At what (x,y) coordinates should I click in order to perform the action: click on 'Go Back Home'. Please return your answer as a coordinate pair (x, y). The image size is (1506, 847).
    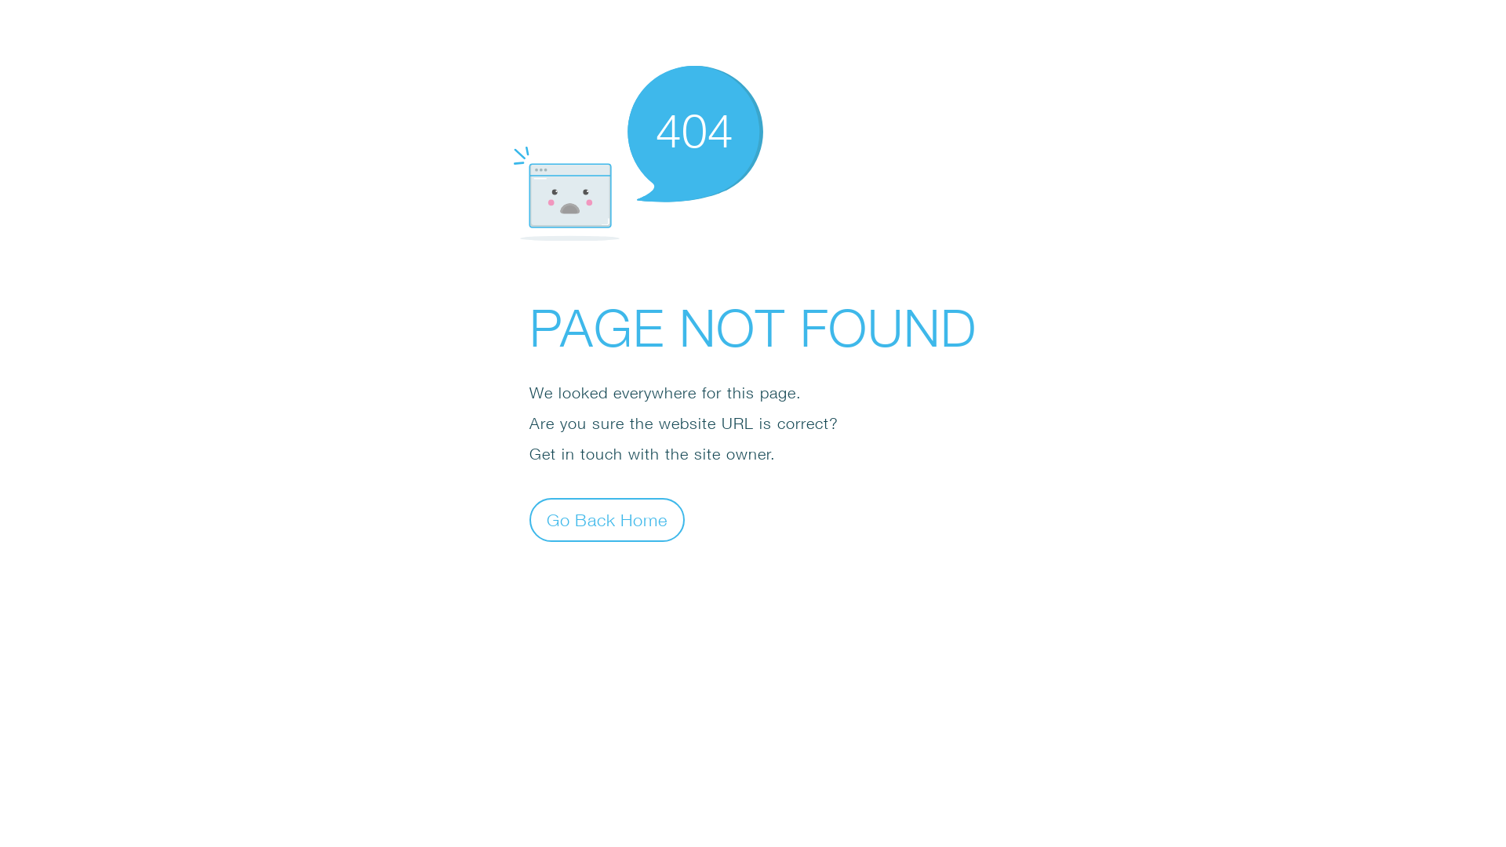
    Looking at the image, I should click on (606, 520).